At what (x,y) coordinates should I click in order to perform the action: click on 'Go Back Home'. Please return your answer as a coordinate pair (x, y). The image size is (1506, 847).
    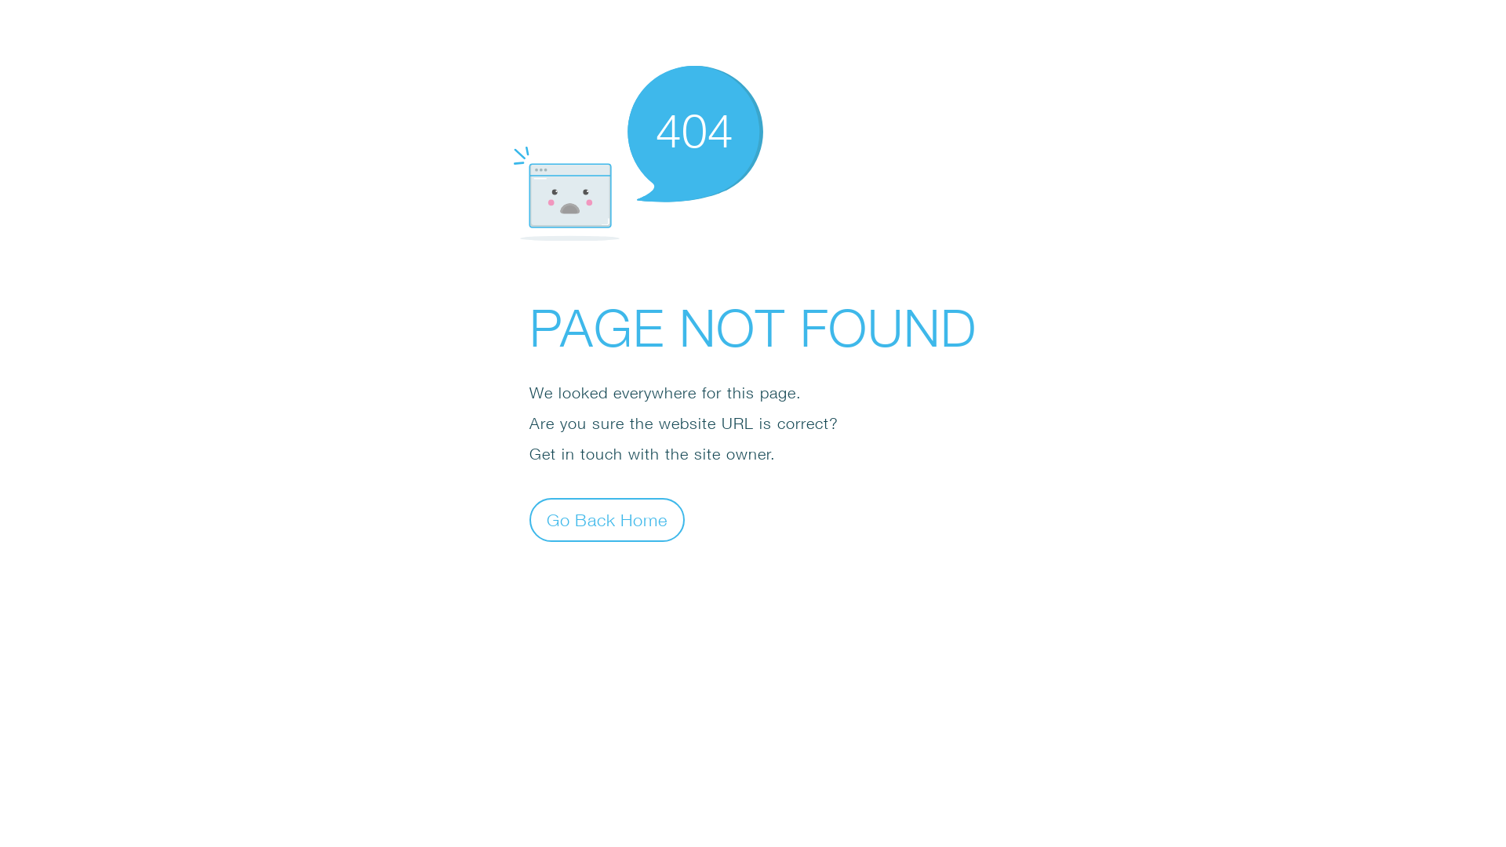
    Looking at the image, I should click on (606, 520).